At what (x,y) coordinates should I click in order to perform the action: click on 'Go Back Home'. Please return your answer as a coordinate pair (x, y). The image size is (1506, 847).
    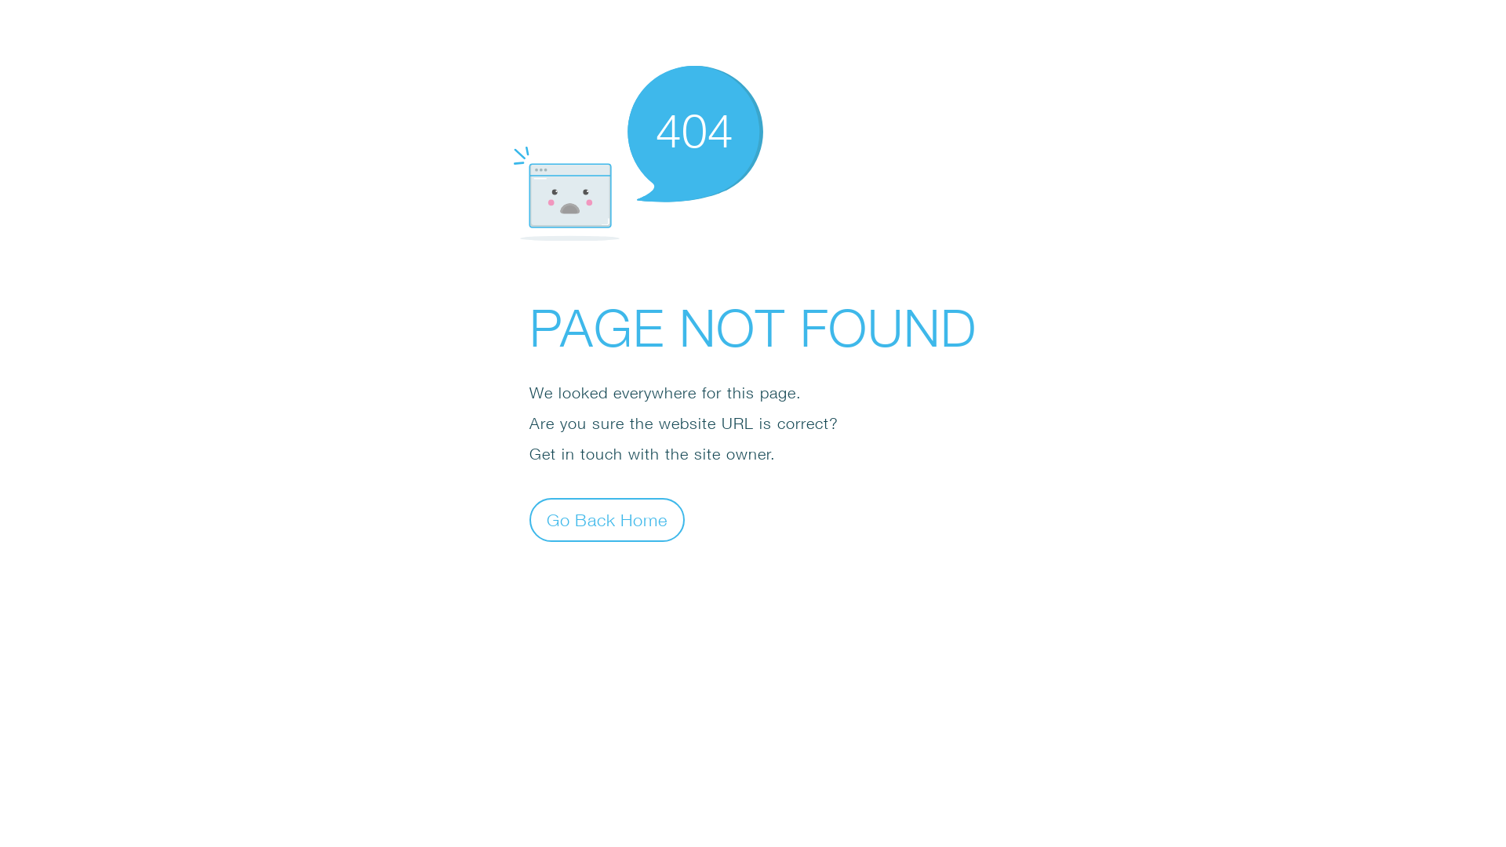
    Looking at the image, I should click on (606, 520).